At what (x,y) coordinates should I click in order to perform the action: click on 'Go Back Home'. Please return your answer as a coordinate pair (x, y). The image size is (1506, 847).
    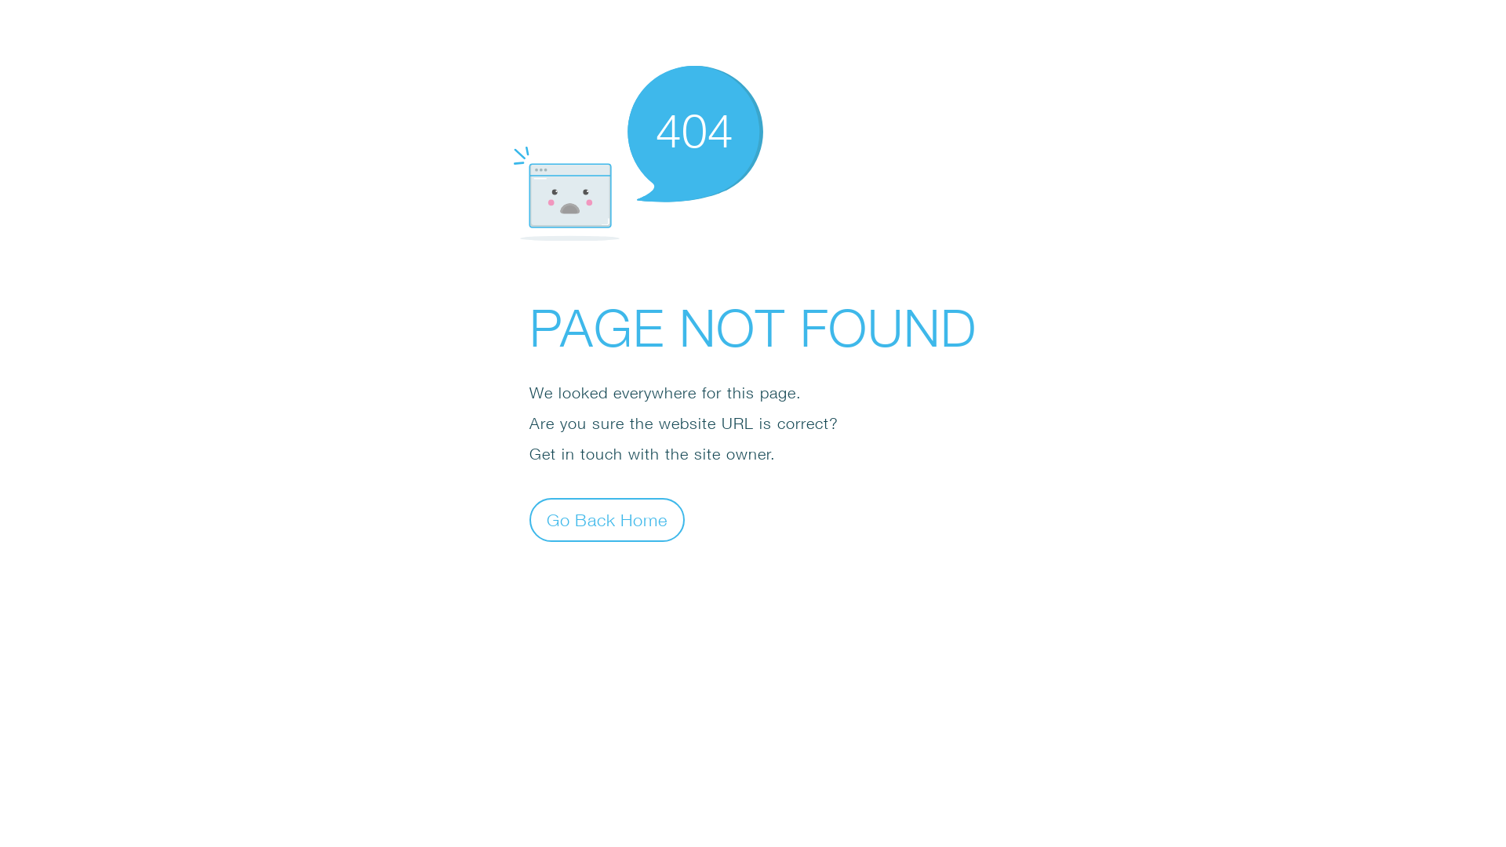
    Looking at the image, I should click on (606, 520).